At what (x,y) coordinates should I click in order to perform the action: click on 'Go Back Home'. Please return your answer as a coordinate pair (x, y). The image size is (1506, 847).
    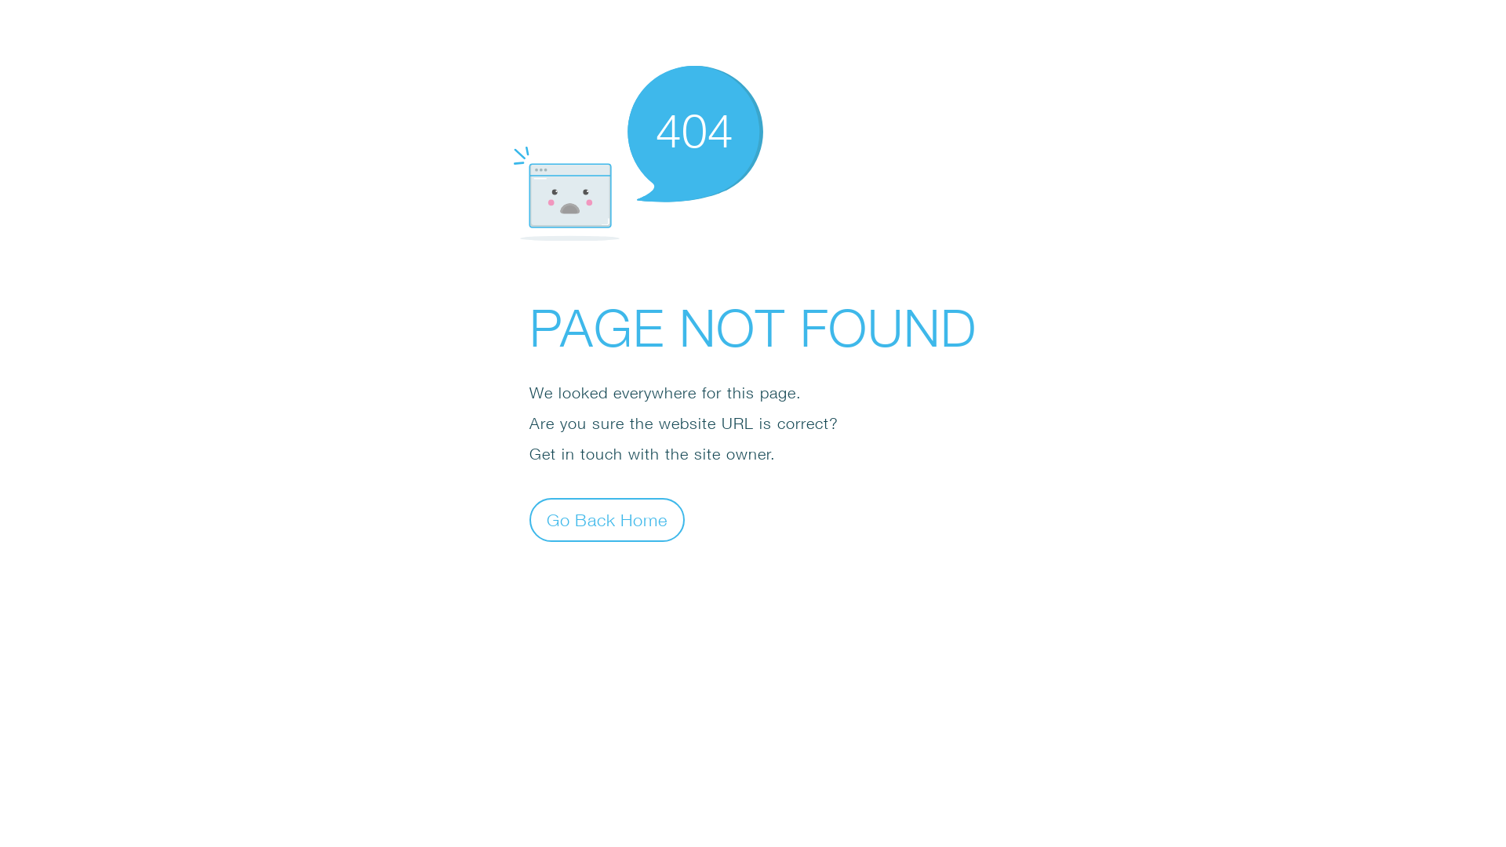
    Looking at the image, I should click on (606, 520).